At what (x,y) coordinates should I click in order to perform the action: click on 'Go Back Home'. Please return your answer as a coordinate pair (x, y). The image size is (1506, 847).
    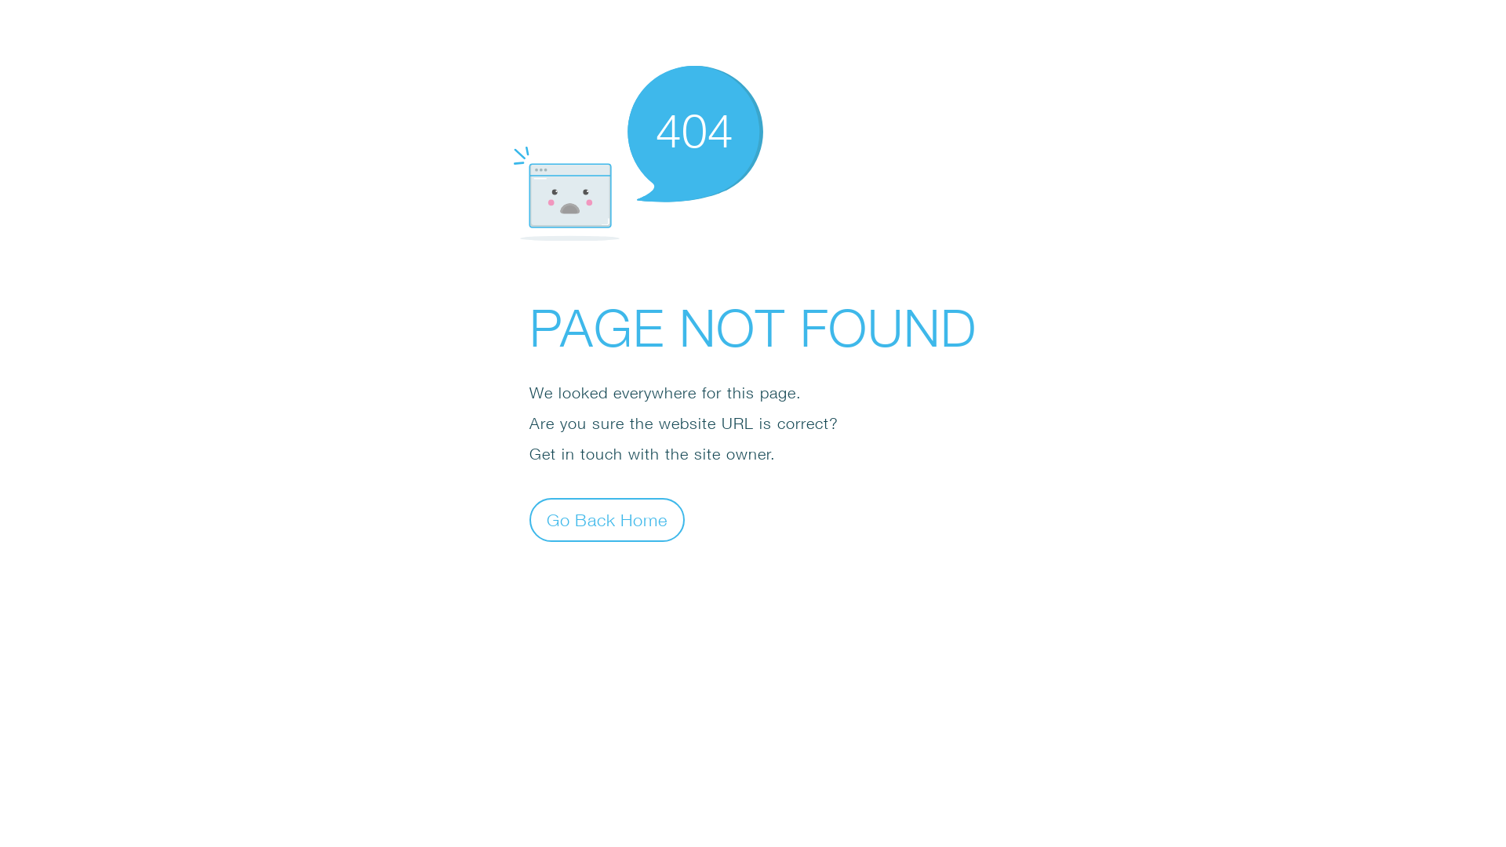
    Looking at the image, I should click on (606, 520).